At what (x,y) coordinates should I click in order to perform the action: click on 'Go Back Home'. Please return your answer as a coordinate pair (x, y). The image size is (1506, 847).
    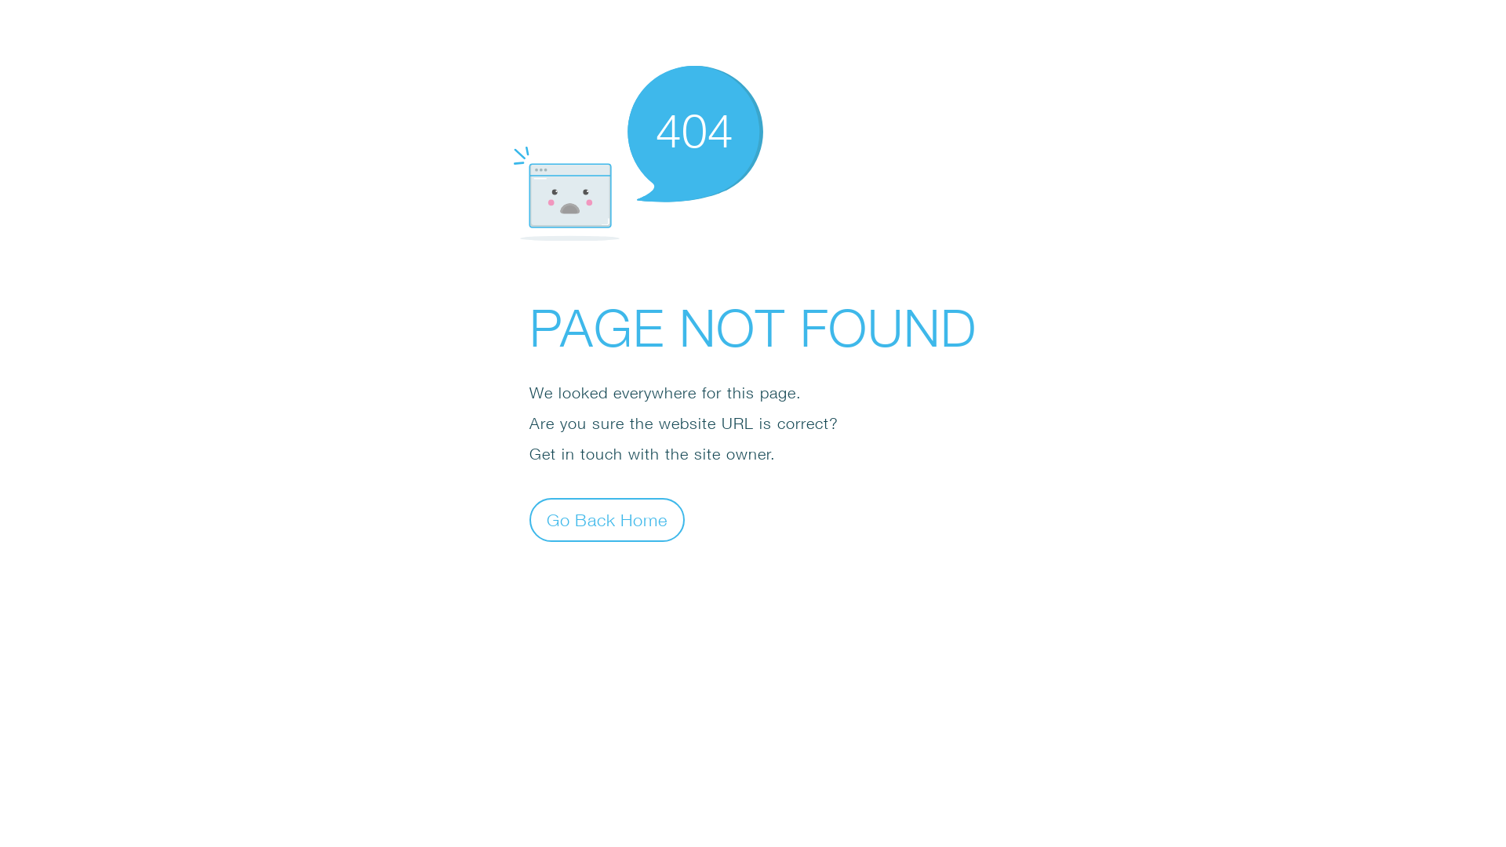
    Looking at the image, I should click on (606, 520).